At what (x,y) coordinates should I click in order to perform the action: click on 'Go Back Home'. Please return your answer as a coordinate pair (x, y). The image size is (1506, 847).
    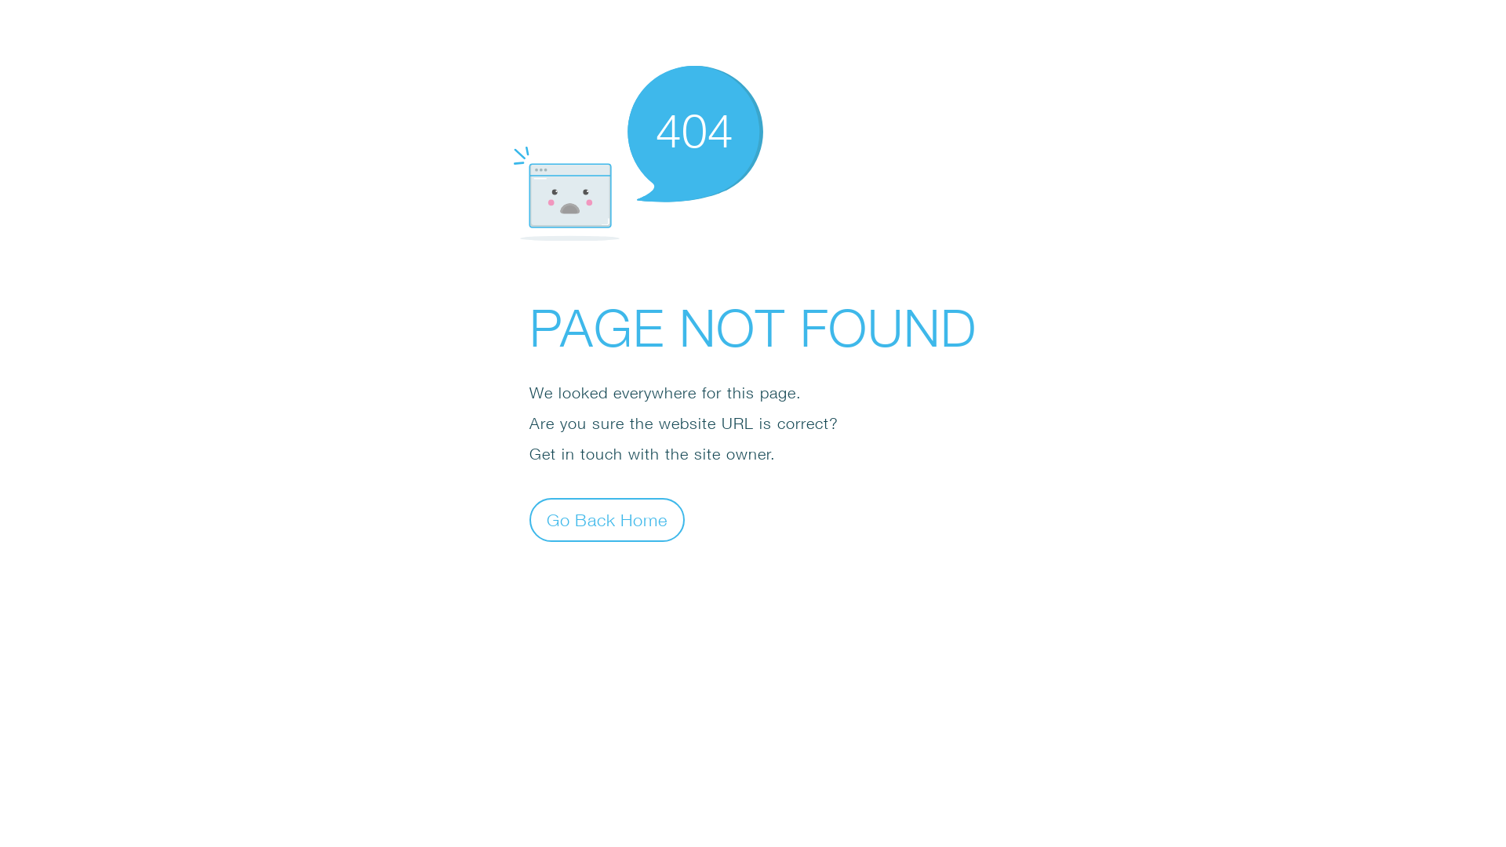
    Looking at the image, I should click on (606, 520).